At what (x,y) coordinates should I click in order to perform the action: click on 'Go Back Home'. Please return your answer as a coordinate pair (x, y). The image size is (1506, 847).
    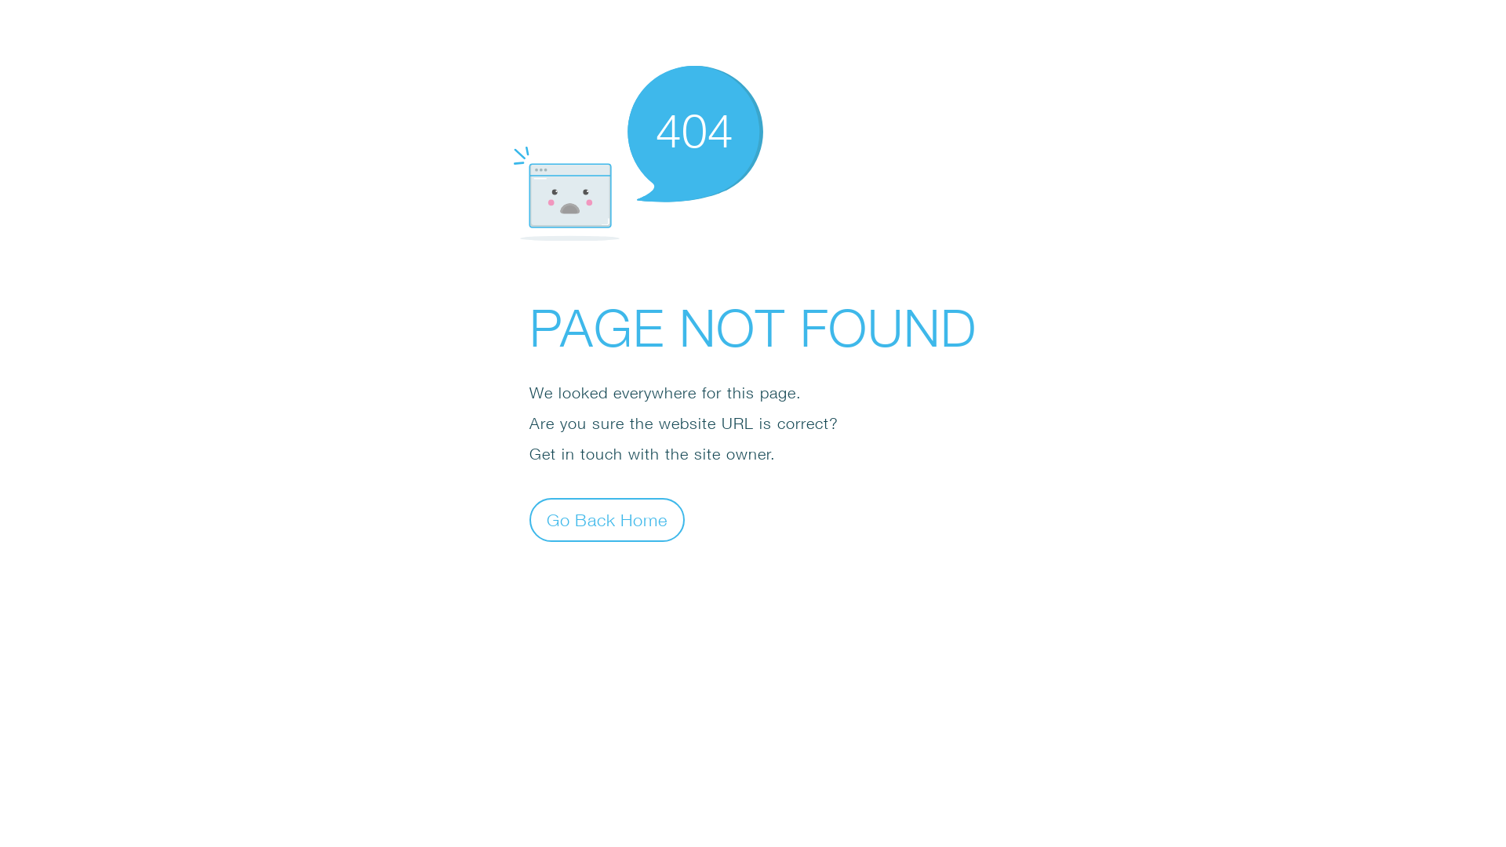
    Looking at the image, I should click on (606, 520).